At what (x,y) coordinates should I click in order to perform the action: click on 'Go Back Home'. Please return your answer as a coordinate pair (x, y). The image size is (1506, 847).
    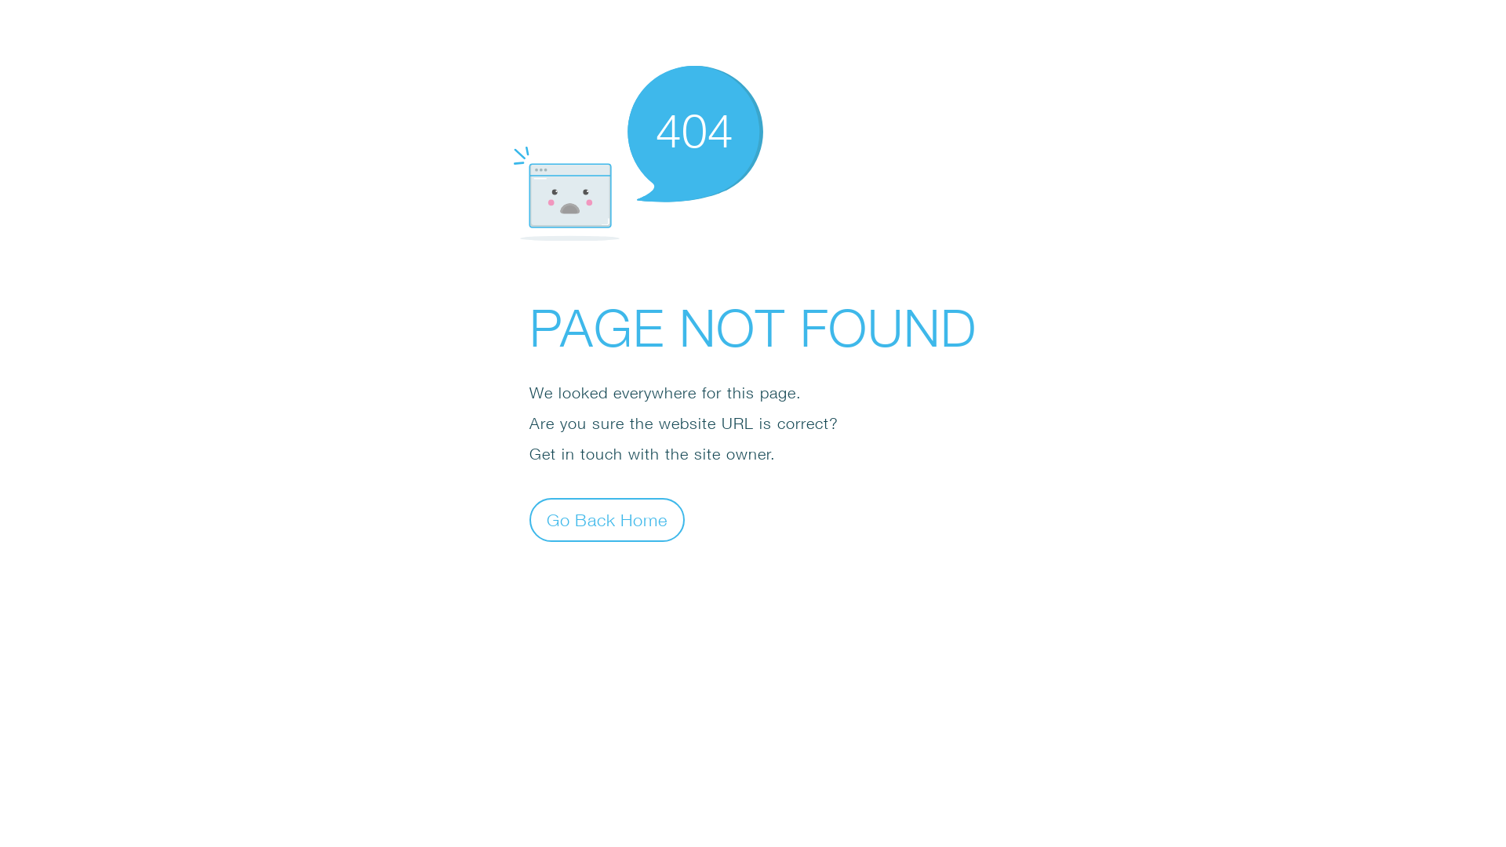
    Looking at the image, I should click on (606, 520).